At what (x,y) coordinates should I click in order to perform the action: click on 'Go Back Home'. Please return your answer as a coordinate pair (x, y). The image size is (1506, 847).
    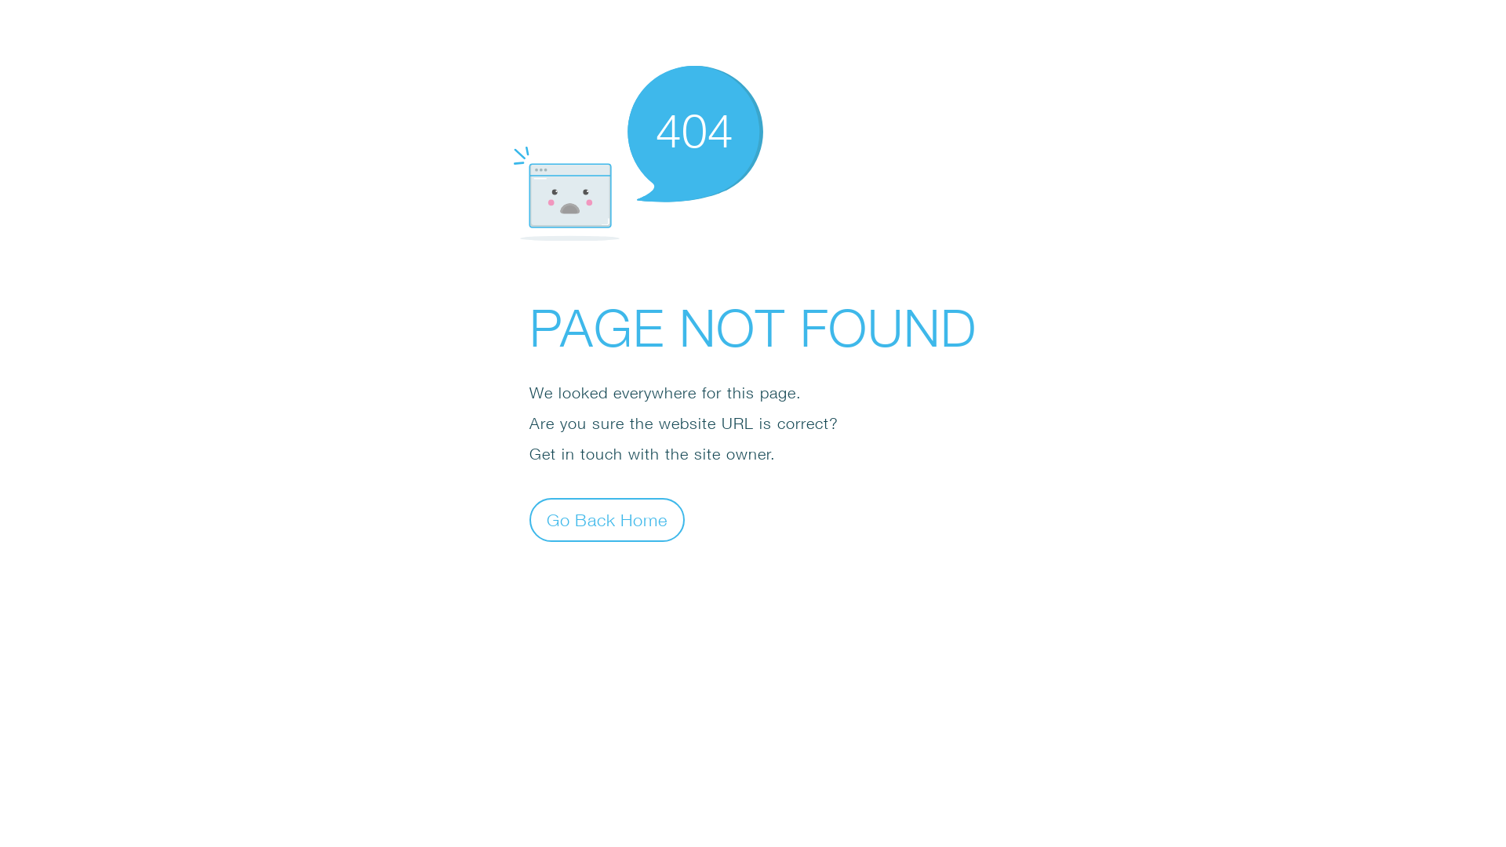
    Looking at the image, I should click on (606, 520).